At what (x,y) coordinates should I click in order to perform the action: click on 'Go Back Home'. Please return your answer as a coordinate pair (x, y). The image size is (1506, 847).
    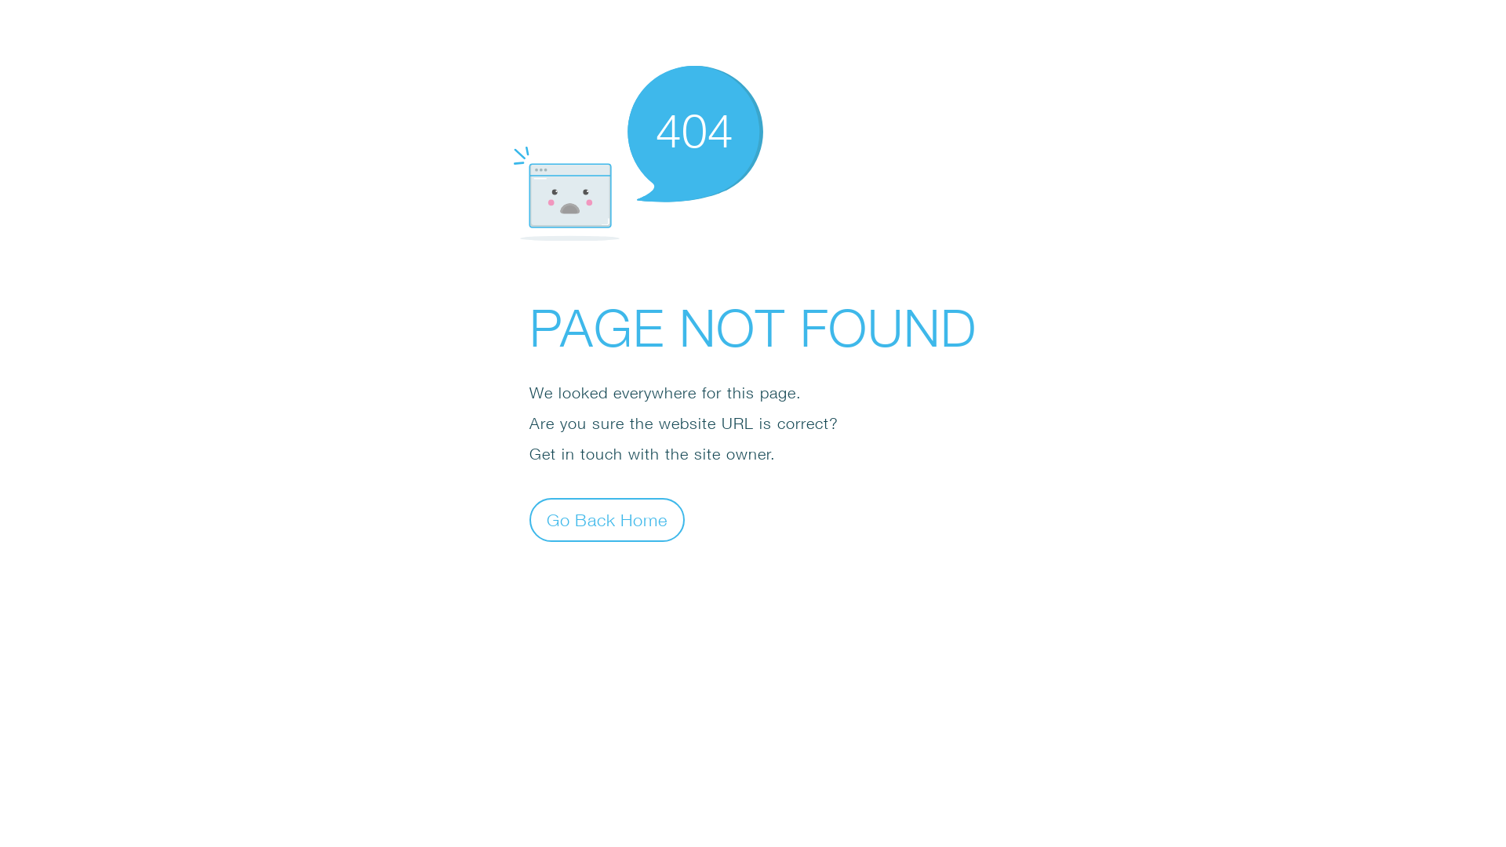
    Looking at the image, I should click on (606, 520).